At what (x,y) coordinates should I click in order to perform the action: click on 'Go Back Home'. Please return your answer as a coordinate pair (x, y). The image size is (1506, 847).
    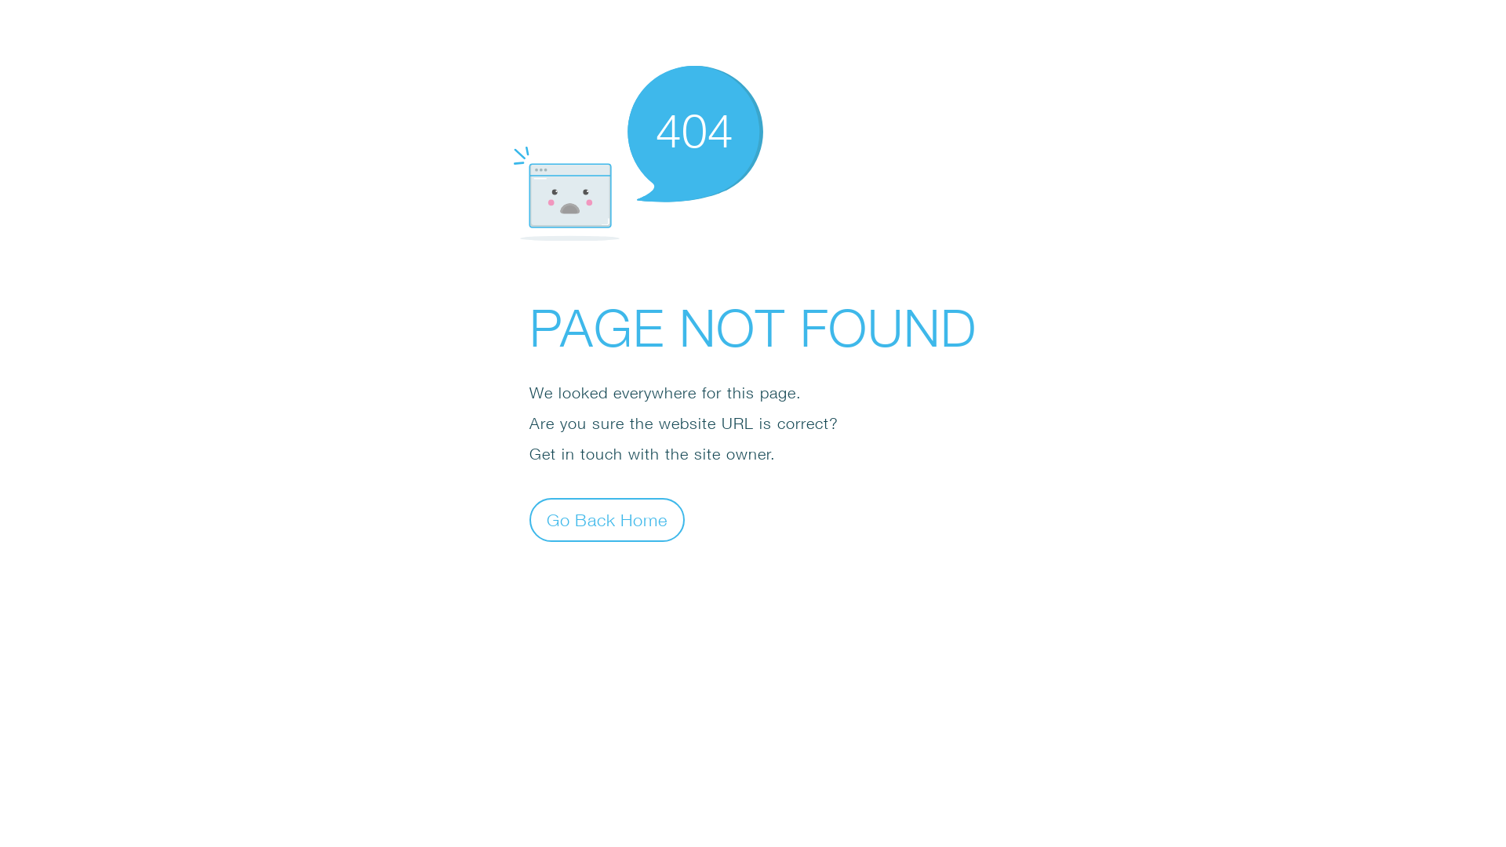
    Looking at the image, I should click on (606, 520).